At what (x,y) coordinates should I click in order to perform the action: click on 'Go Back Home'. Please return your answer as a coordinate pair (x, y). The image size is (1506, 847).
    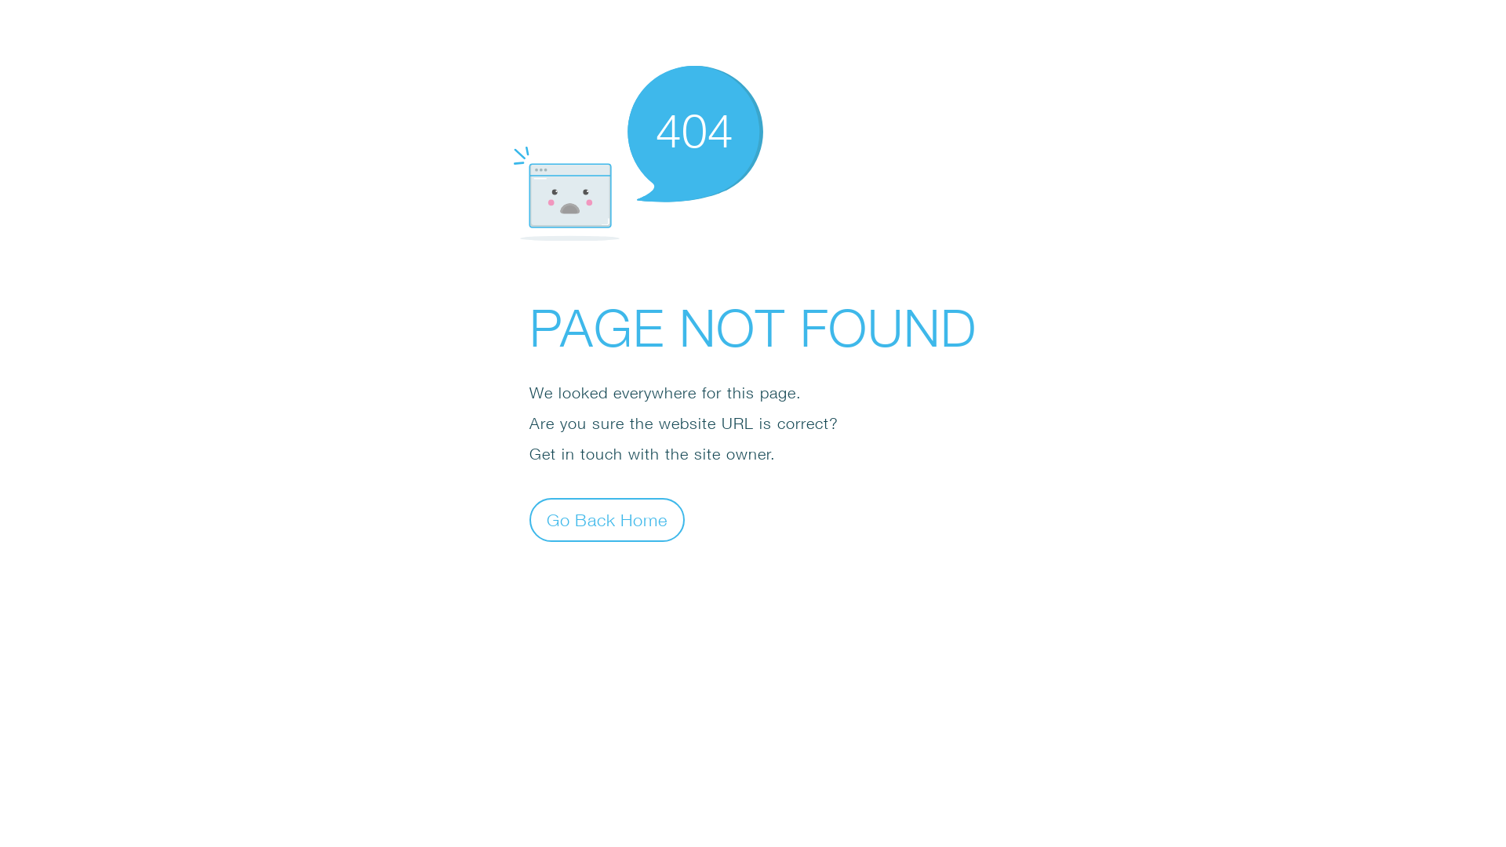
    Looking at the image, I should click on (606, 520).